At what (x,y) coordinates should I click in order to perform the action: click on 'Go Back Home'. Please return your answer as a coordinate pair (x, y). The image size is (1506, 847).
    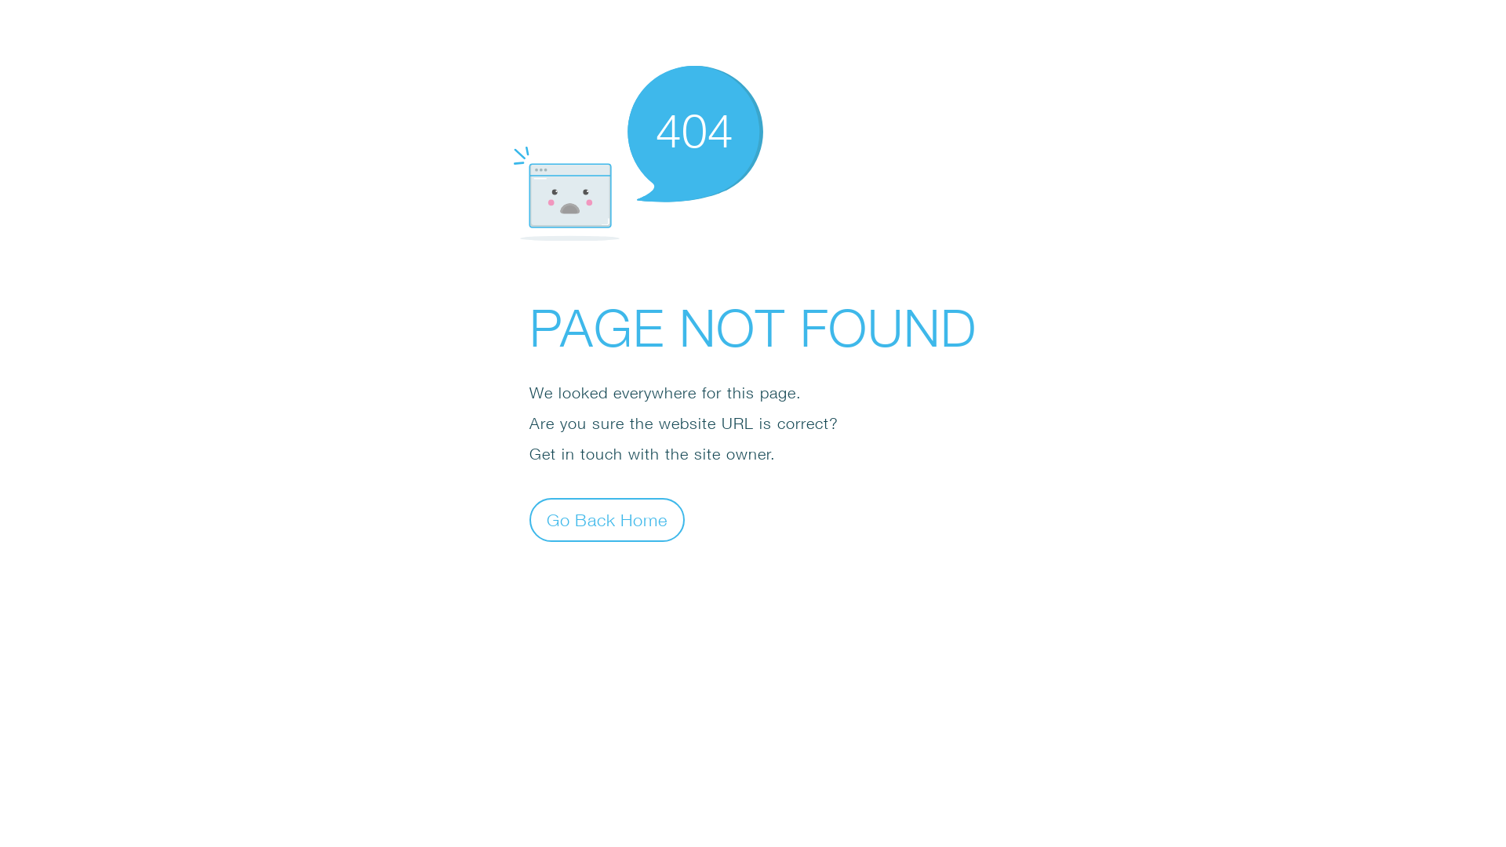
    Looking at the image, I should click on (606, 520).